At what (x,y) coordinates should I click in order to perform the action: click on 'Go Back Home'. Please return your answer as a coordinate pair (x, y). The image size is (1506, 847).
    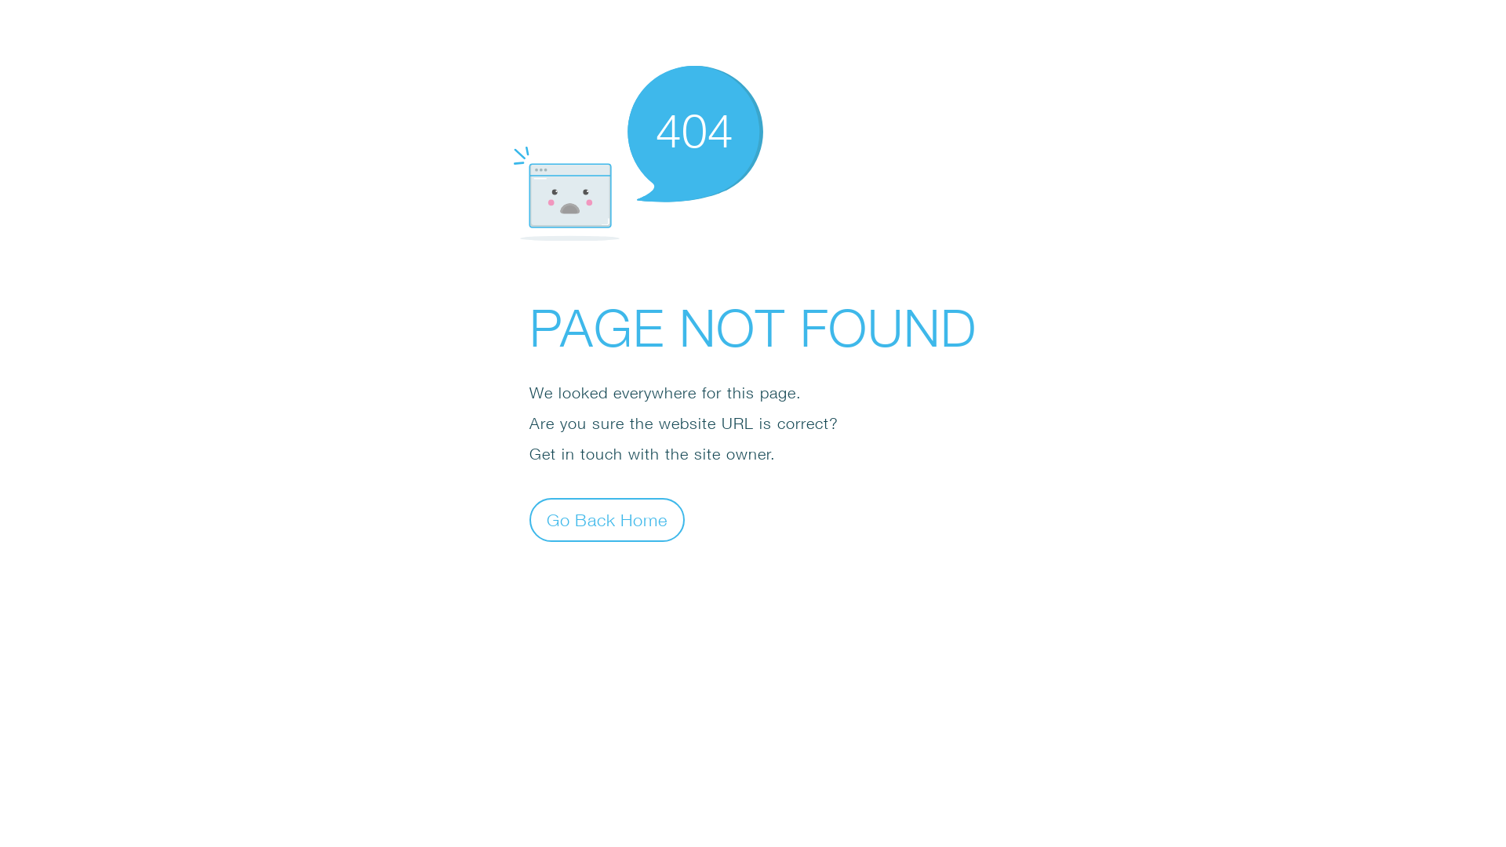
    Looking at the image, I should click on (606, 520).